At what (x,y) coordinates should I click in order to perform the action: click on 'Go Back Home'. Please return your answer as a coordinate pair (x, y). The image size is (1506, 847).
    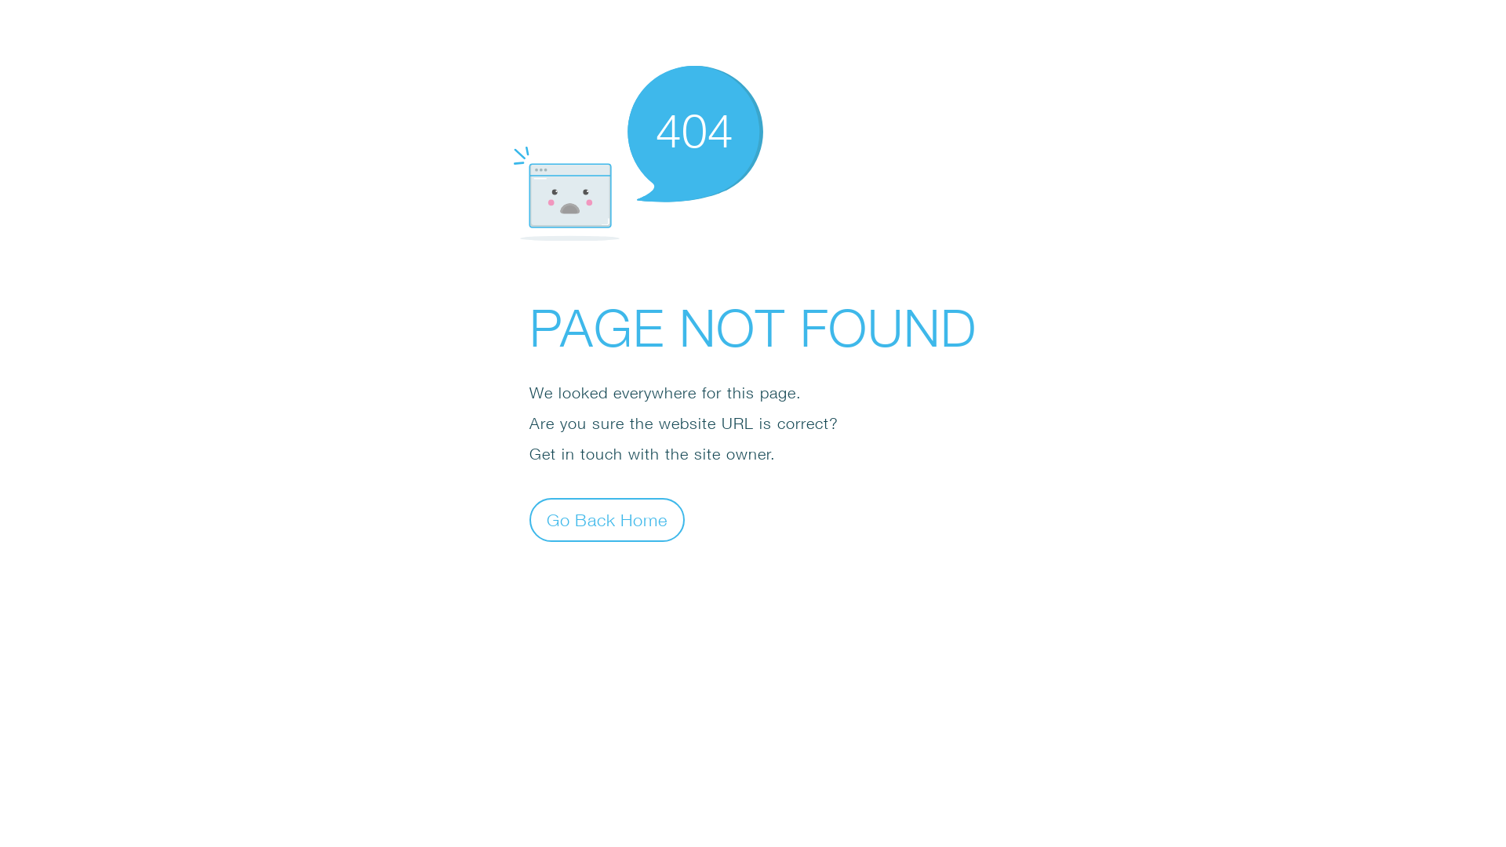
    Looking at the image, I should click on (606, 520).